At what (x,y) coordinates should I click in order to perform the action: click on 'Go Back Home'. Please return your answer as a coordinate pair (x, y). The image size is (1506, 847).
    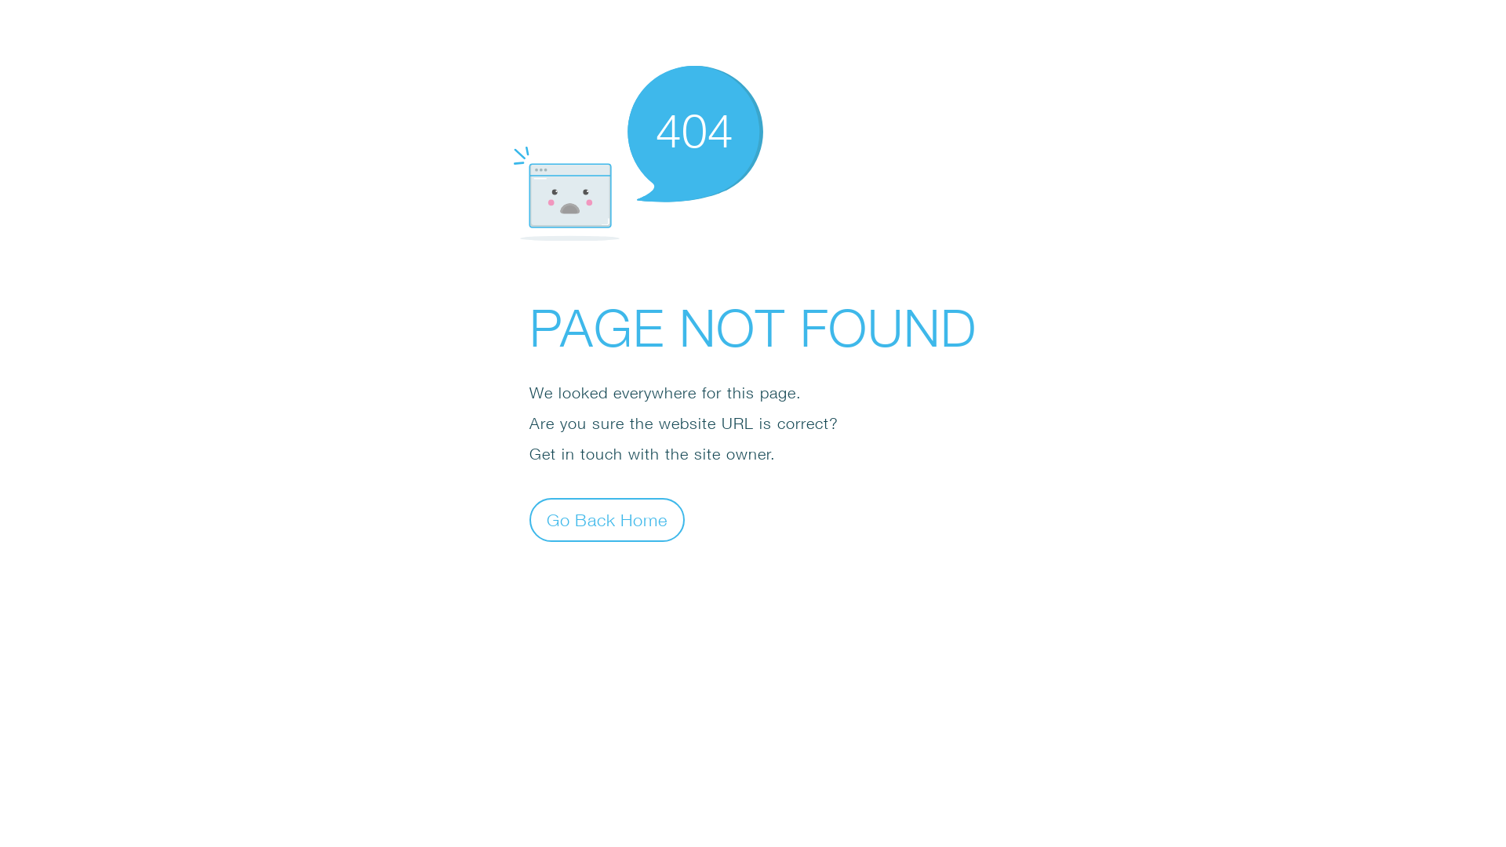
    Looking at the image, I should click on (606, 520).